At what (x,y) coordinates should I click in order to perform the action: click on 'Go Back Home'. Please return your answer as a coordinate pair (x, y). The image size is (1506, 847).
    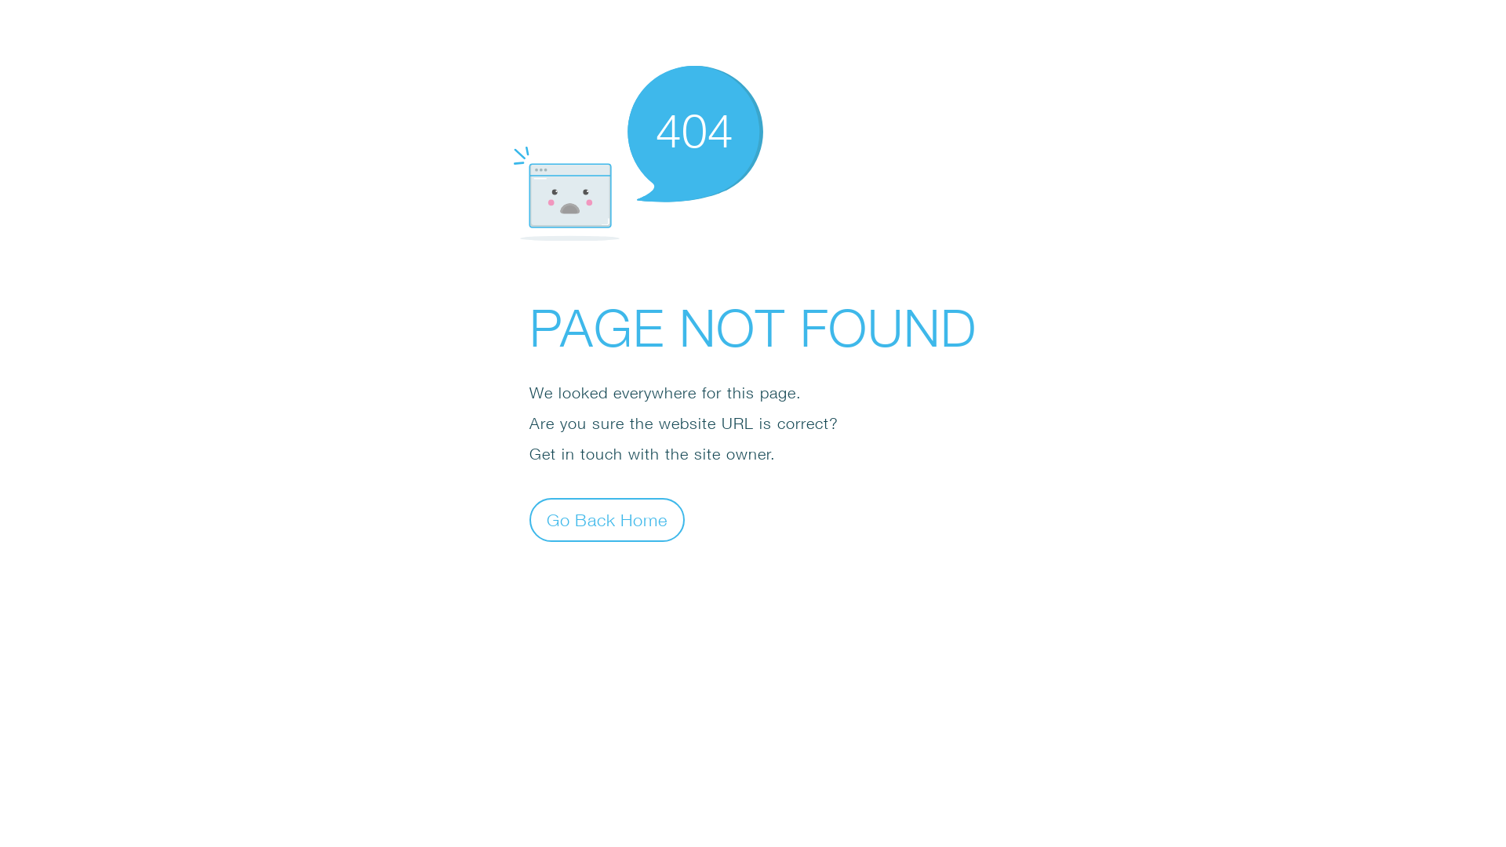
    Looking at the image, I should click on (606, 520).